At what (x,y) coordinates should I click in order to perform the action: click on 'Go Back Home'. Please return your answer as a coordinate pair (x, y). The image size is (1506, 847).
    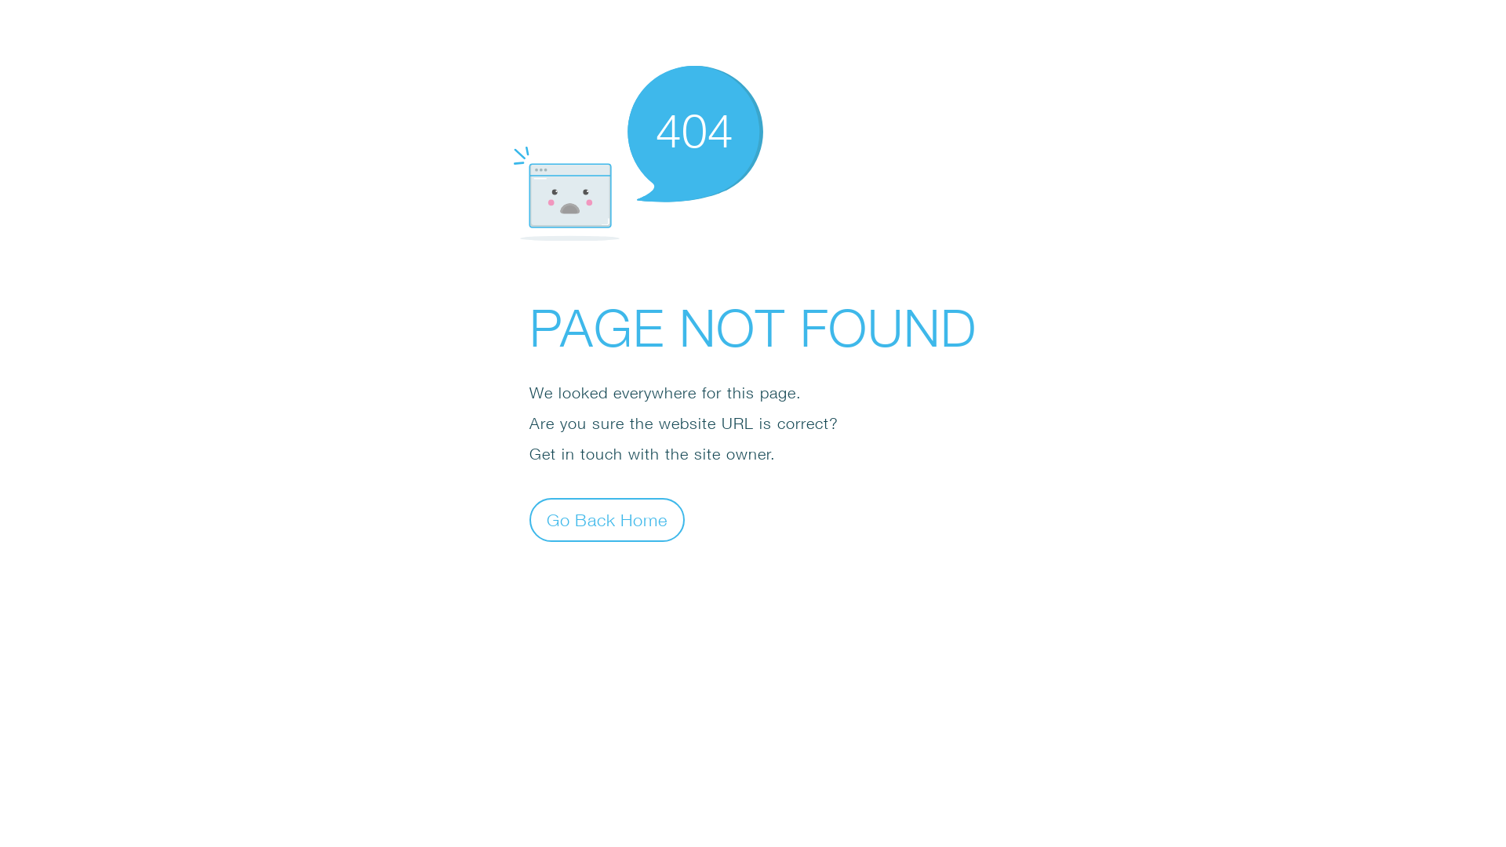
    Looking at the image, I should click on (606, 520).